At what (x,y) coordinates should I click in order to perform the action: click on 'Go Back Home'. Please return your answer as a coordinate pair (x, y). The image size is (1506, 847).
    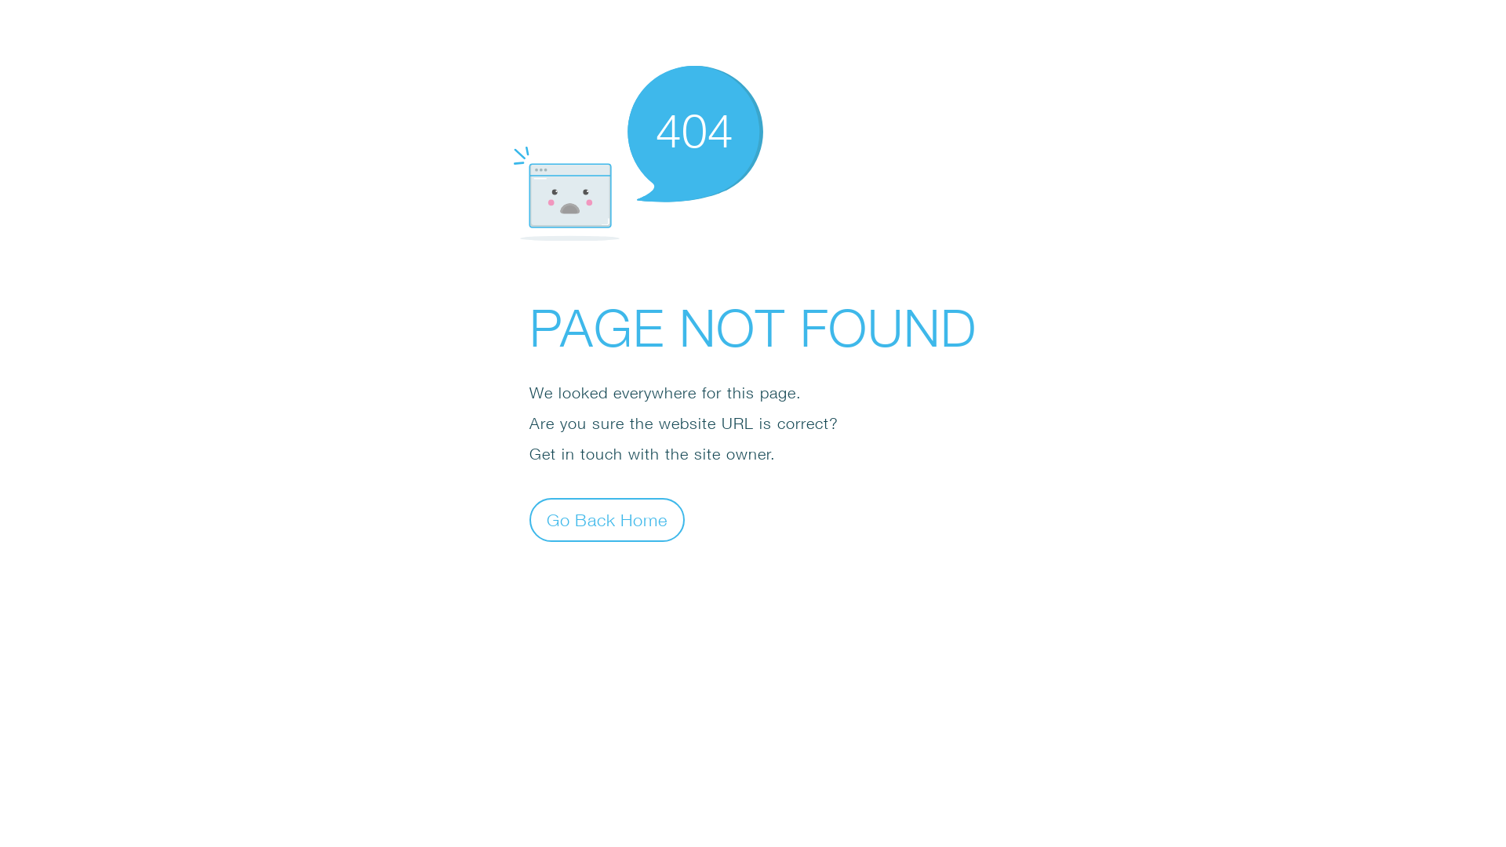
    Looking at the image, I should click on (606, 520).